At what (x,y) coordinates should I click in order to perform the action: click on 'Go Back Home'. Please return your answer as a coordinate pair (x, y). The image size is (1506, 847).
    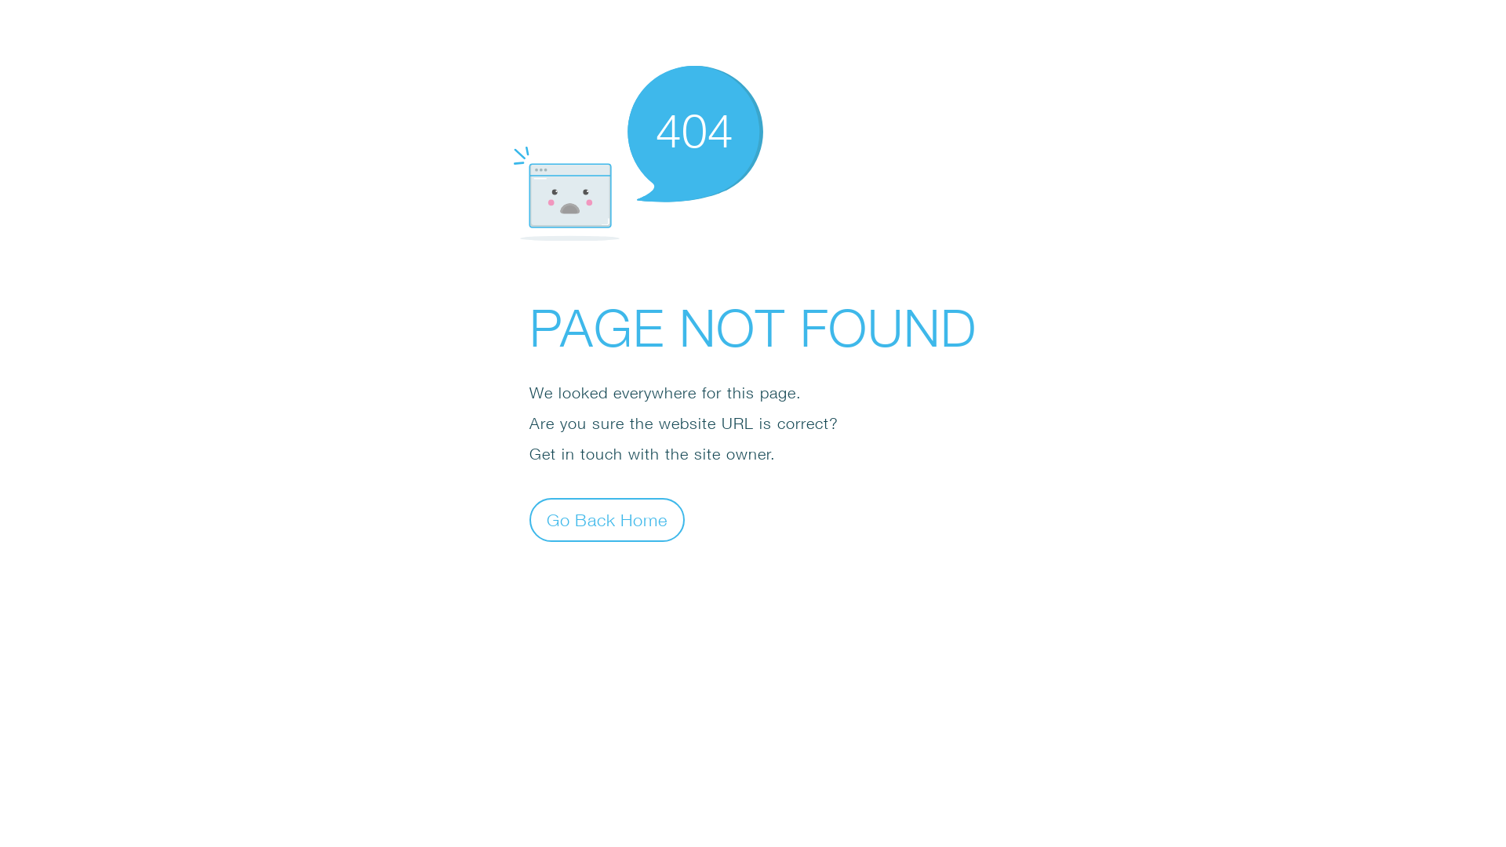
    Looking at the image, I should click on (606, 520).